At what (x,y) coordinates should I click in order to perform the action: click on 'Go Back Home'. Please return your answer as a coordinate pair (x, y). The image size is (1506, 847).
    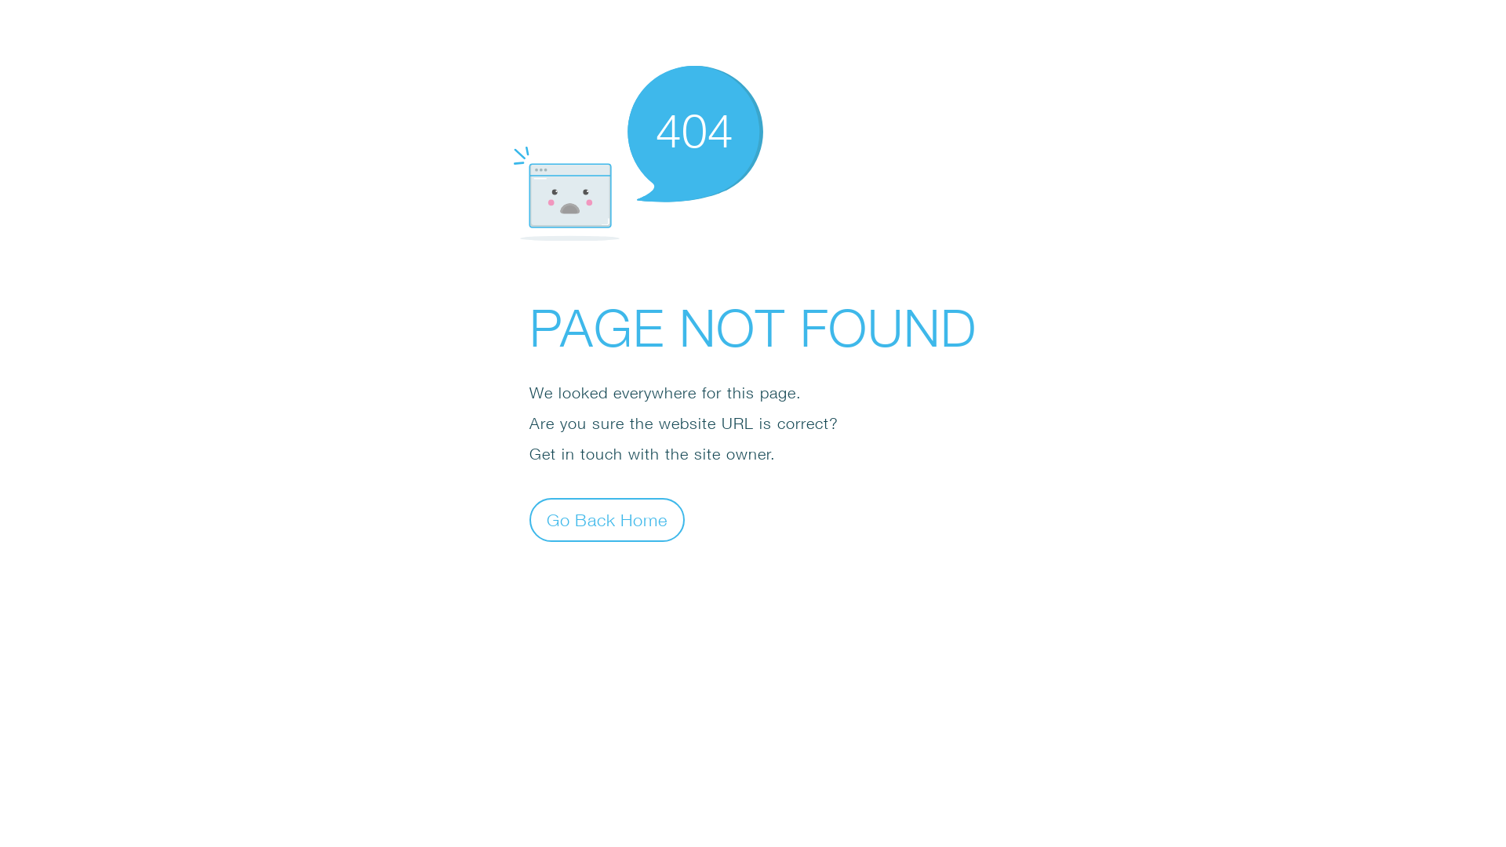
    Looking at the image, I should click on (606, 520).